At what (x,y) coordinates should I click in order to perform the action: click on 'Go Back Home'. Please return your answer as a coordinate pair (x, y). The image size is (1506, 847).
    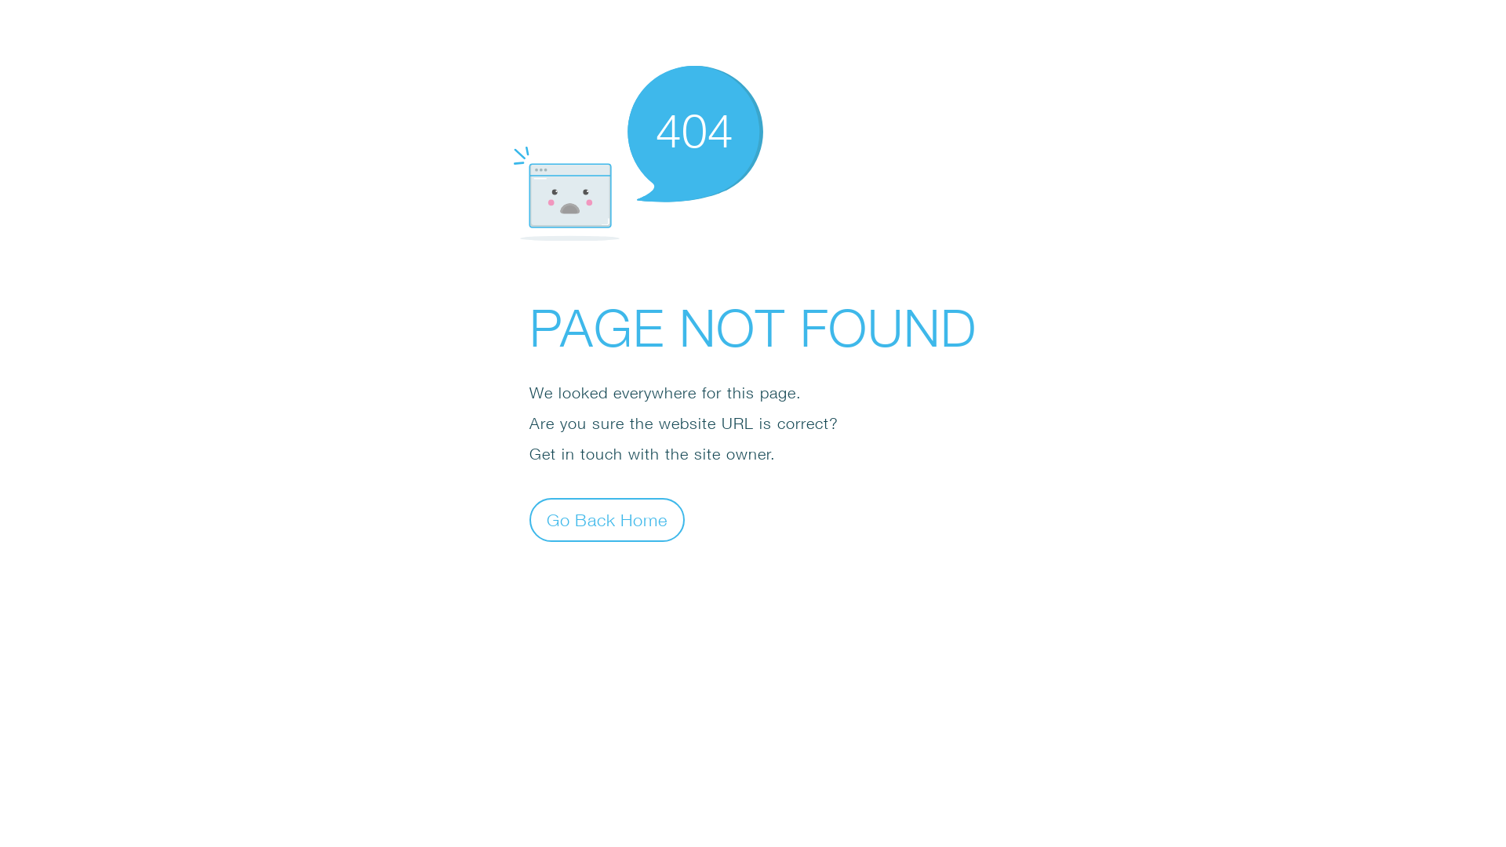
    Looking at the image, I should click on (606, 520).